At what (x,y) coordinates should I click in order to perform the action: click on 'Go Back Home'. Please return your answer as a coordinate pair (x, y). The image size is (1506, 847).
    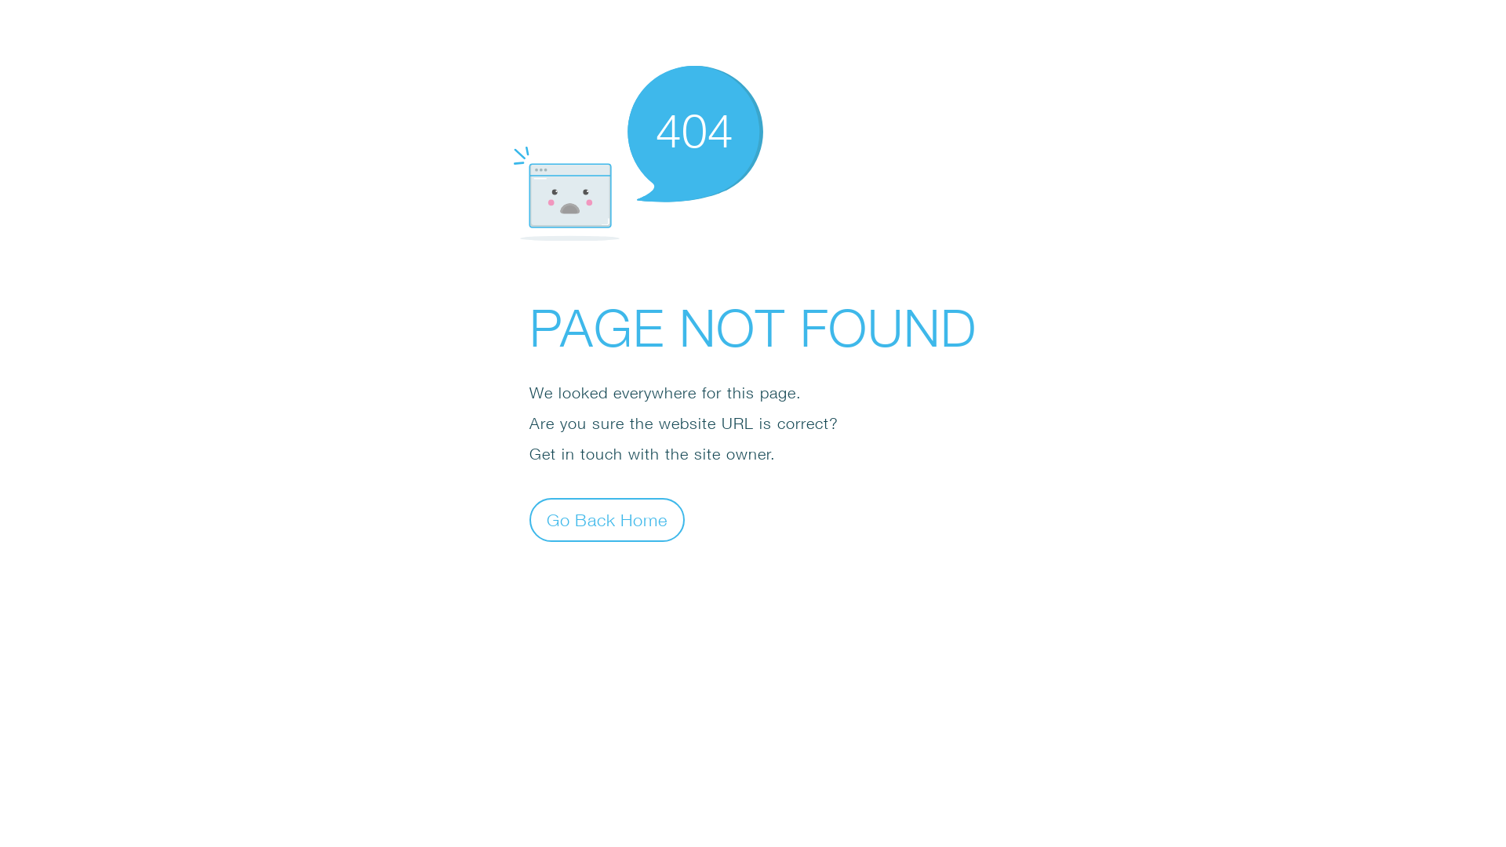
    Looking at the image, I should click on (606, 520).